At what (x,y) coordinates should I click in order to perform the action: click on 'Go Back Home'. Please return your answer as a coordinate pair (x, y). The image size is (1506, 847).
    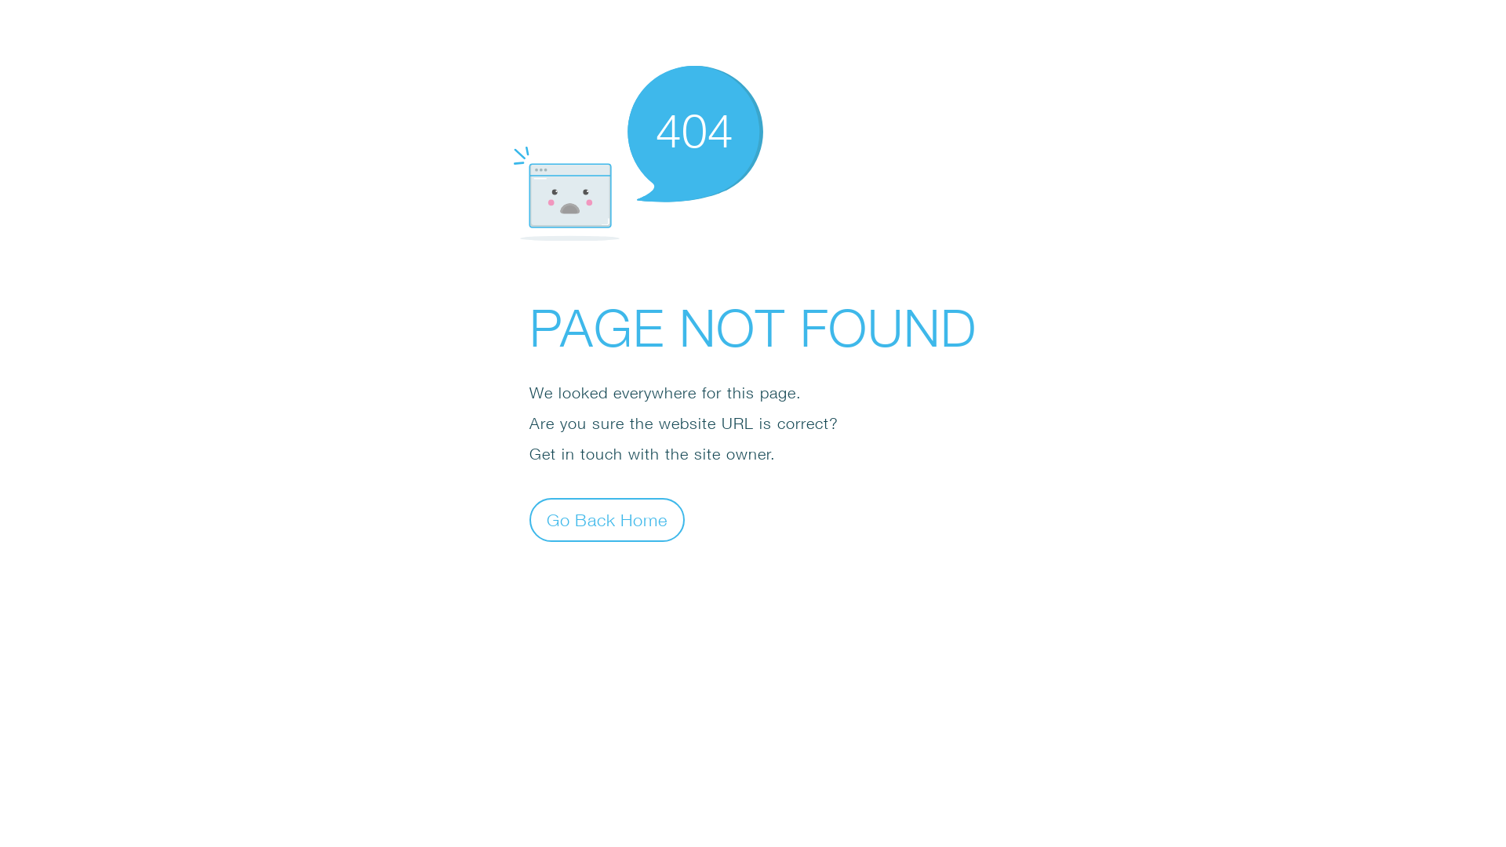
    Looking at the image, I should click on (606, 520).